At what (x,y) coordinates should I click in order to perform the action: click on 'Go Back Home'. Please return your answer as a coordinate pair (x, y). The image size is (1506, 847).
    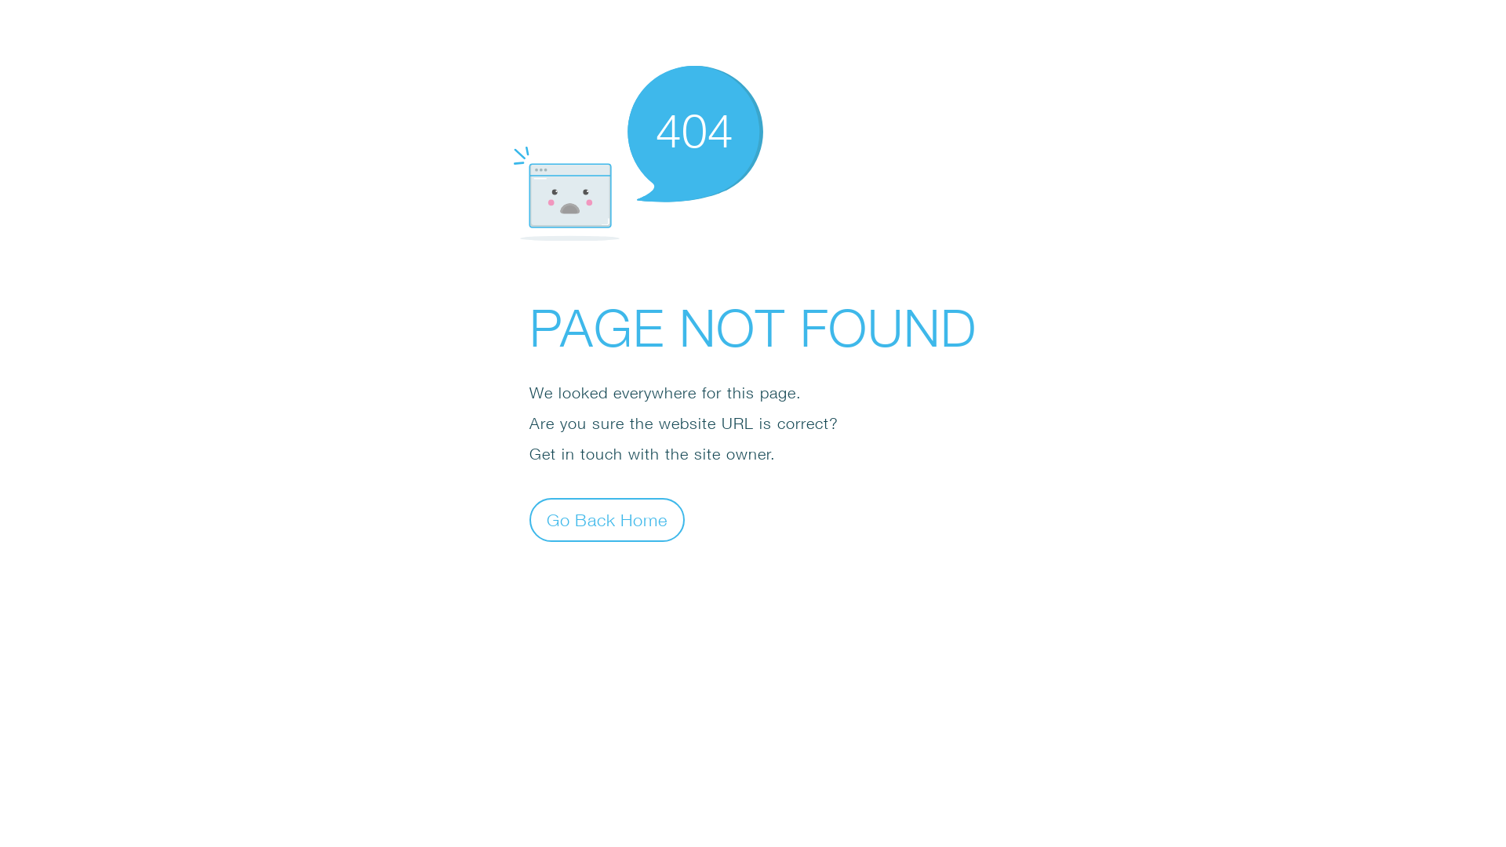
    Looking at the image, I should click on (606, 520).